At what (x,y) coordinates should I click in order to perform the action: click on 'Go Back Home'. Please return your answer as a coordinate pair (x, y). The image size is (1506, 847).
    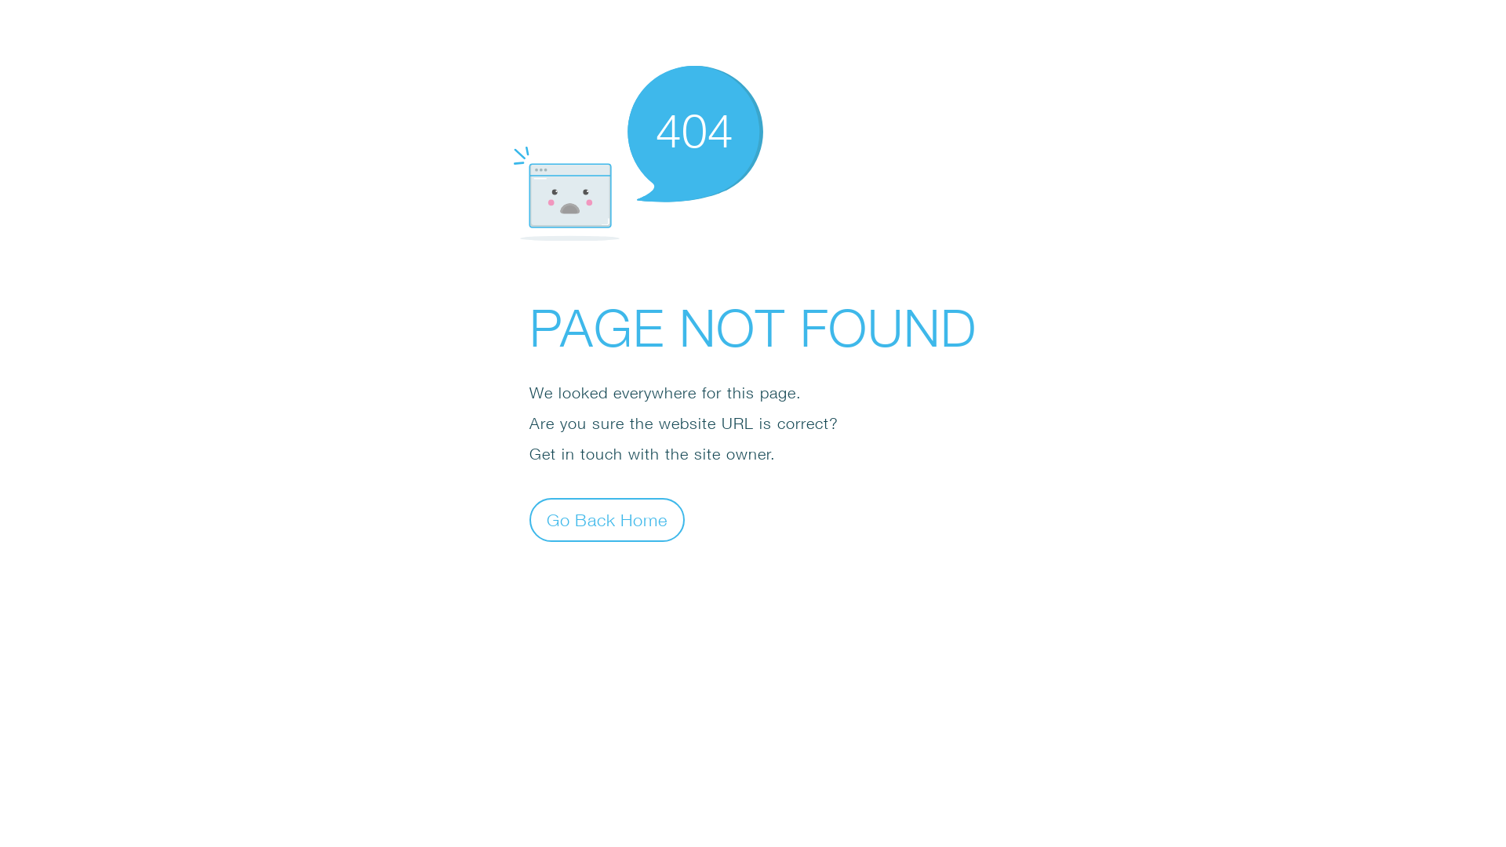
    Looking at the image, I should click on (606, 520).